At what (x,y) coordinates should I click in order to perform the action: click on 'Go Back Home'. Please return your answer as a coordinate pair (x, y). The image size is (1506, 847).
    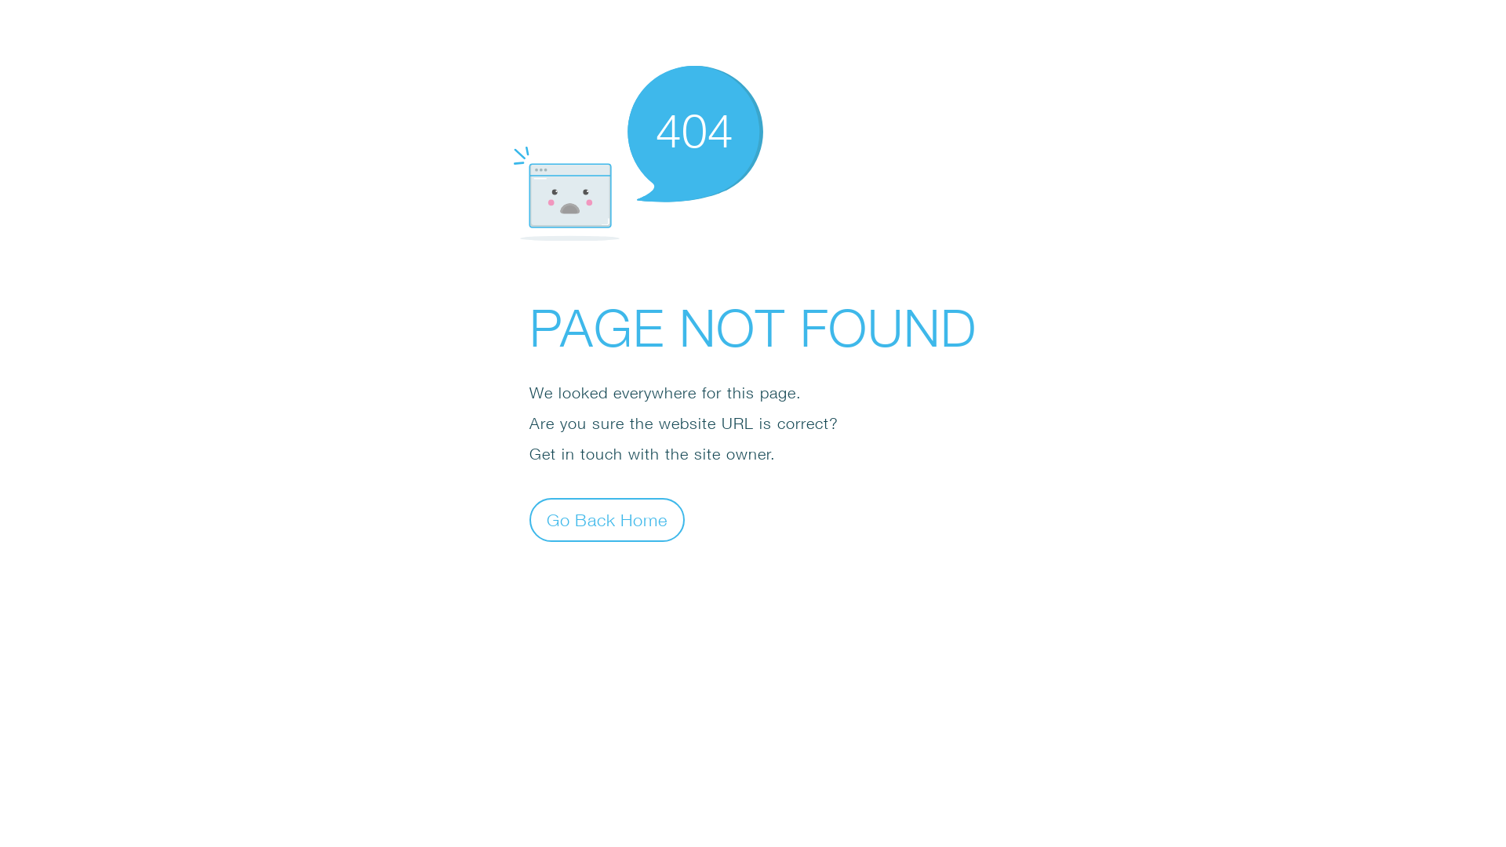
    Looking at the image, I should click on (606, 520).